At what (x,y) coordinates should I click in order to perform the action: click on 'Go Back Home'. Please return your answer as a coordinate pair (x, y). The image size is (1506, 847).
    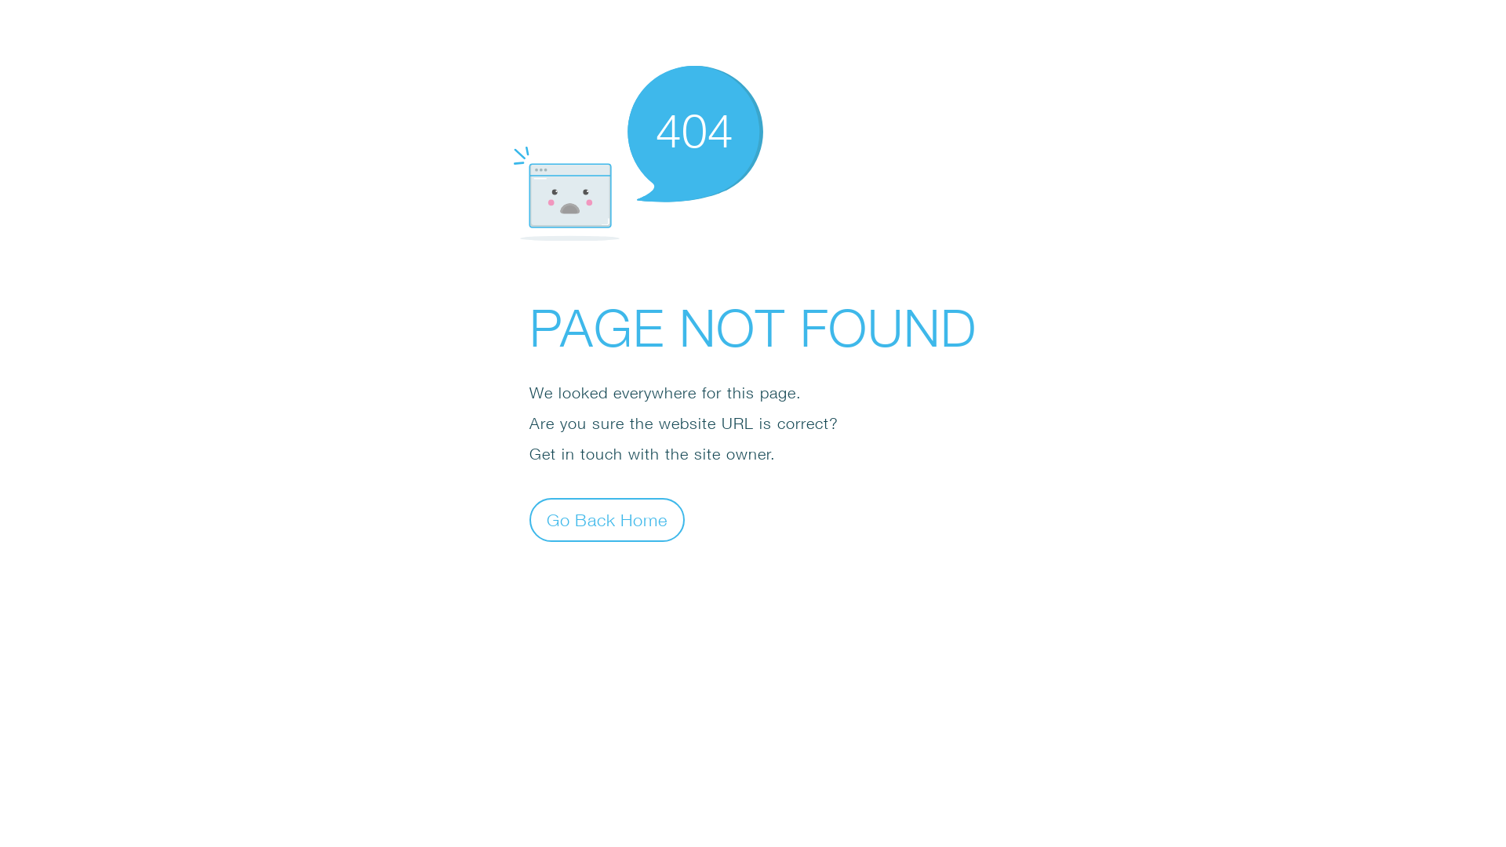
    Looking at the image, I should click on (606, 520).